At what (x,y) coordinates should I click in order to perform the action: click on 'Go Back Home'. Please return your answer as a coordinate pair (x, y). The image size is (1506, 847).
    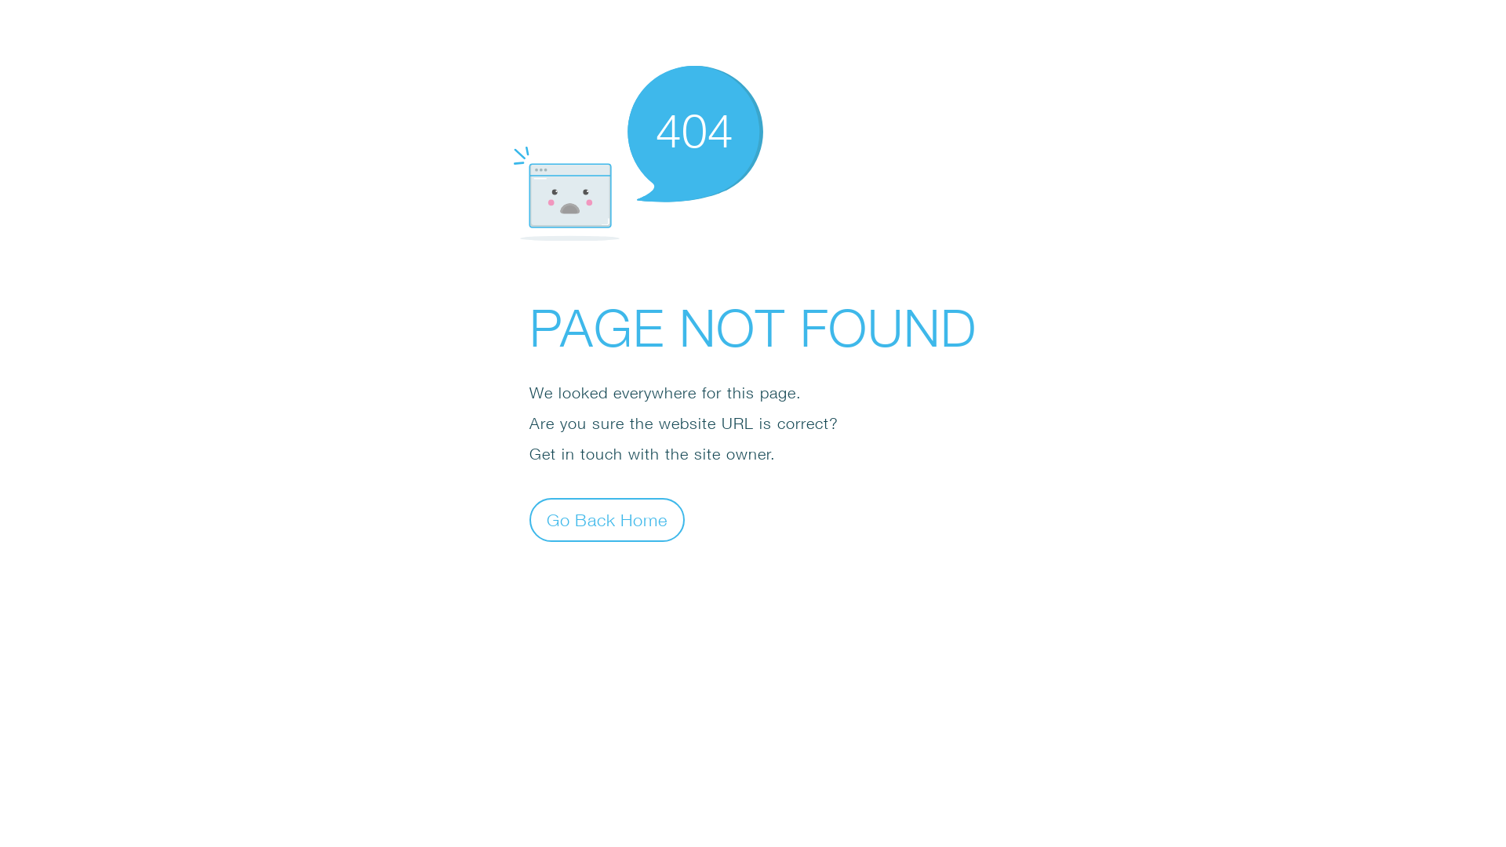
    Looking at the image, I should click on (606, 520).